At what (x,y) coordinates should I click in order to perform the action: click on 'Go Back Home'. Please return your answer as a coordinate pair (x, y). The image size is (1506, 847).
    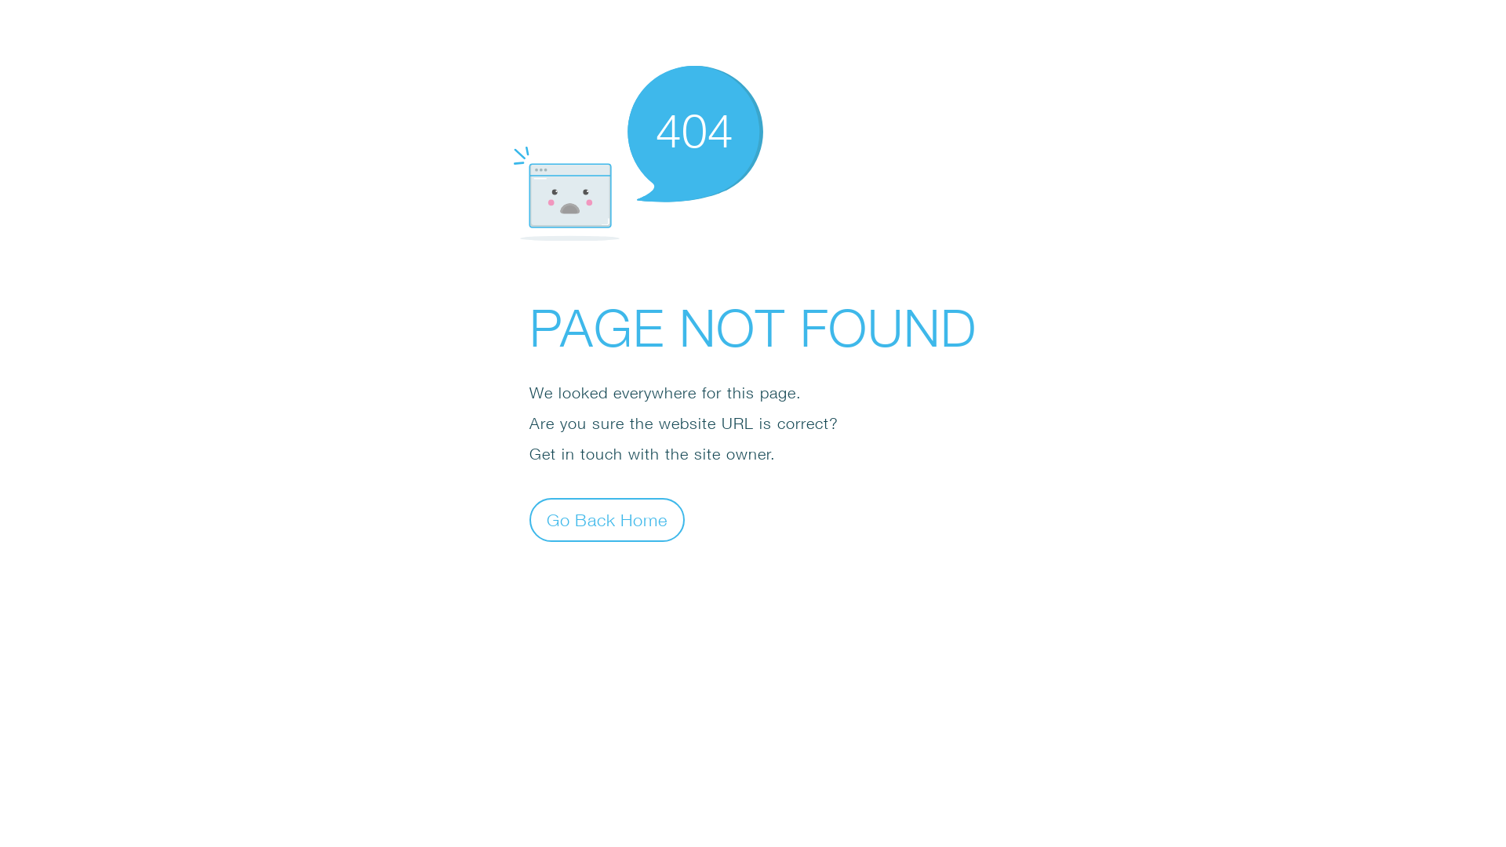
    Looking at the image, I should click on (606, 520).